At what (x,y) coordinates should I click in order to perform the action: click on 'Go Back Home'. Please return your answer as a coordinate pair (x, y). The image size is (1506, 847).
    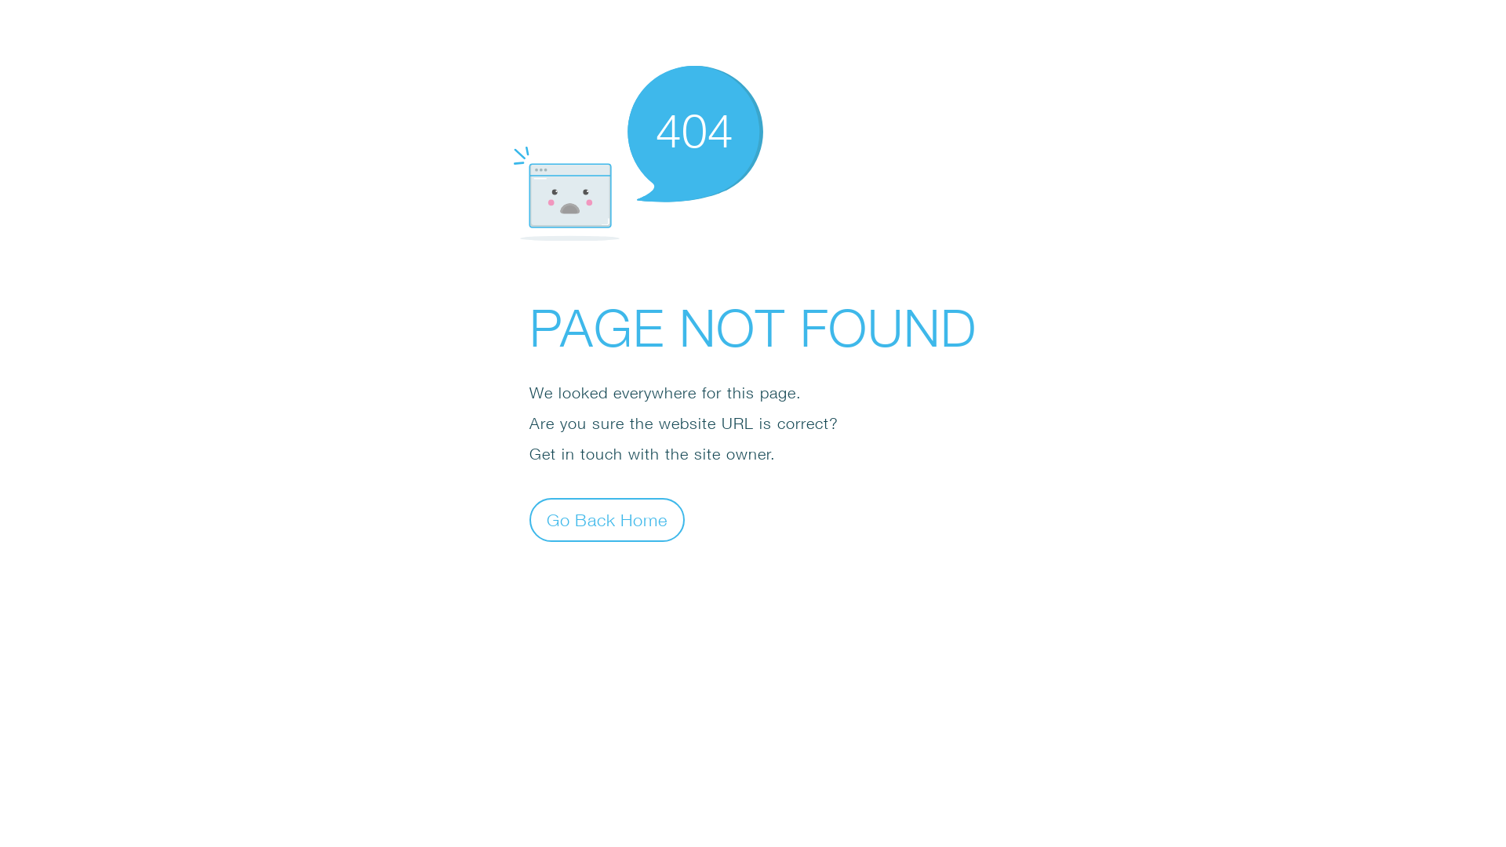
    Looking at the image, I should click on (606, 520).